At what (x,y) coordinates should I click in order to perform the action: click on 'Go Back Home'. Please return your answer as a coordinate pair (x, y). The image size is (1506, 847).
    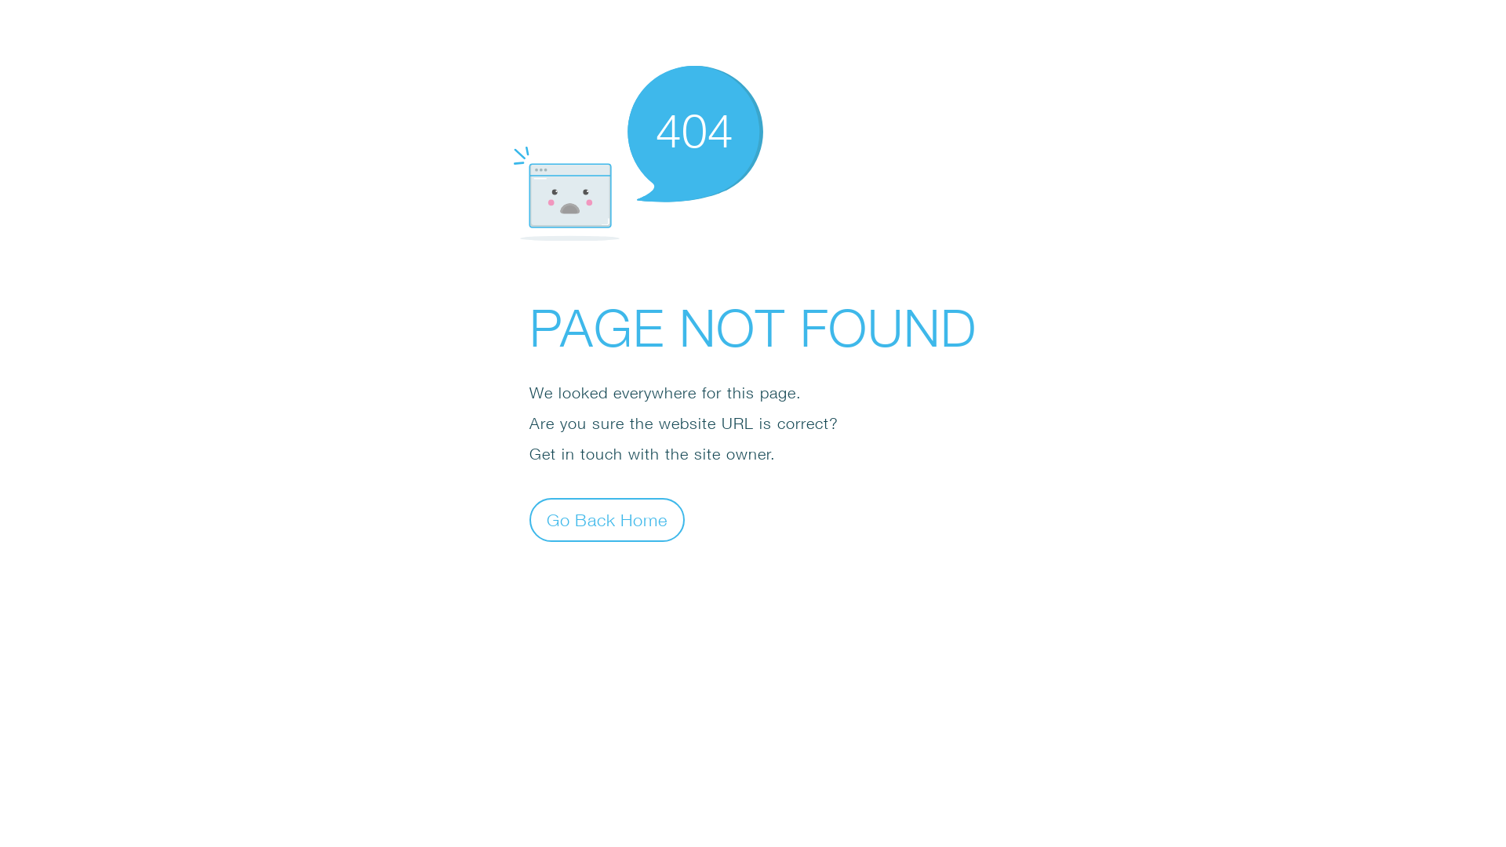
    Looking at the image, I should click on (606, 520).